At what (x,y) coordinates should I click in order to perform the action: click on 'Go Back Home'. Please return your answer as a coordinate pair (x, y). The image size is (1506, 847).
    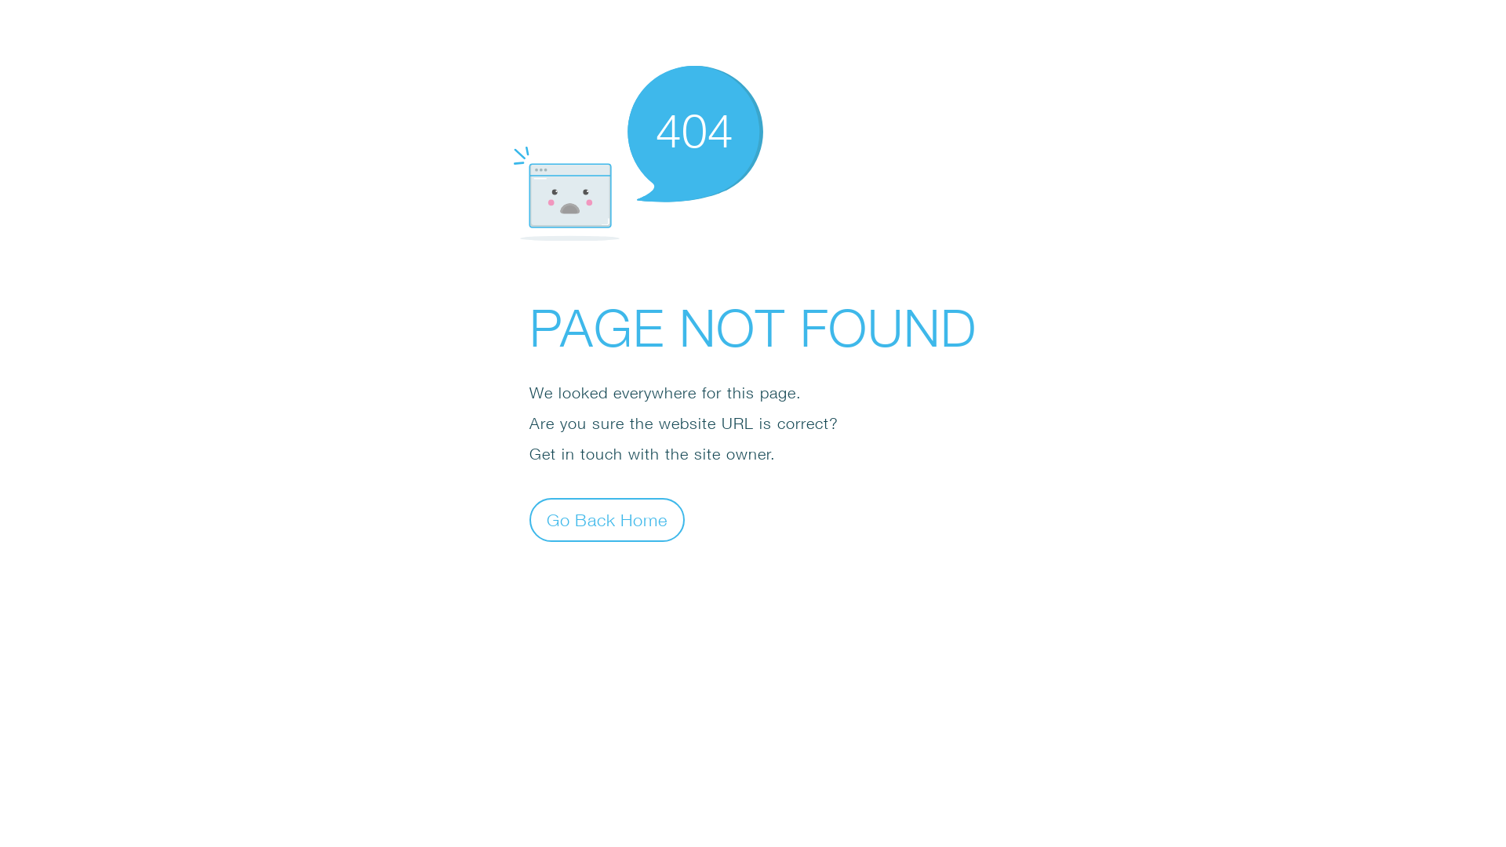
    Looking at the image, I should click on (606, 520).